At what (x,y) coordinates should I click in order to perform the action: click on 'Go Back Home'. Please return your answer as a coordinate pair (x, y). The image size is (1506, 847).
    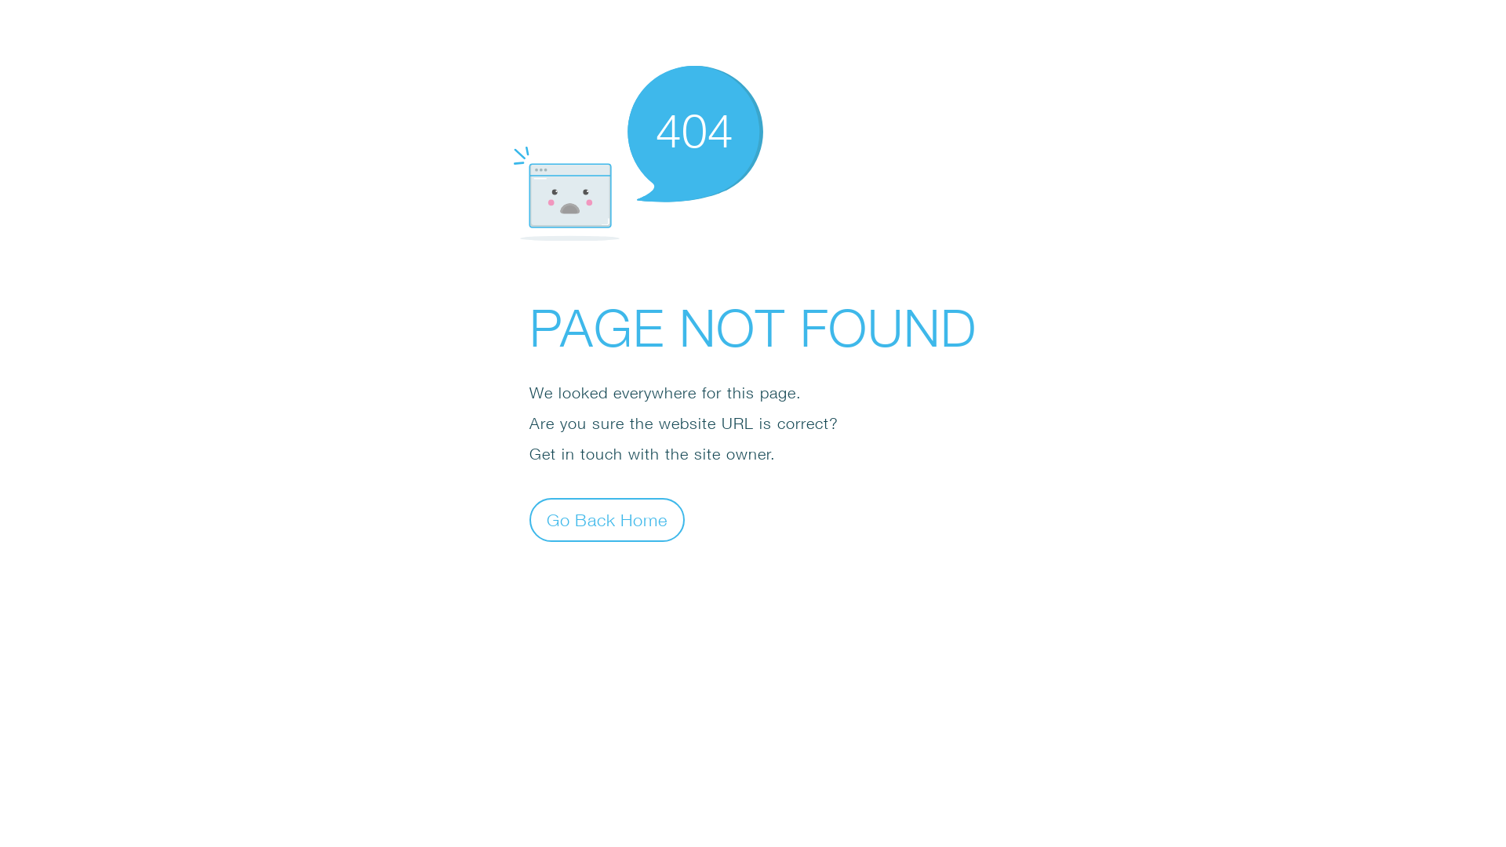
    Looking at the image, I should click on (606, 520).